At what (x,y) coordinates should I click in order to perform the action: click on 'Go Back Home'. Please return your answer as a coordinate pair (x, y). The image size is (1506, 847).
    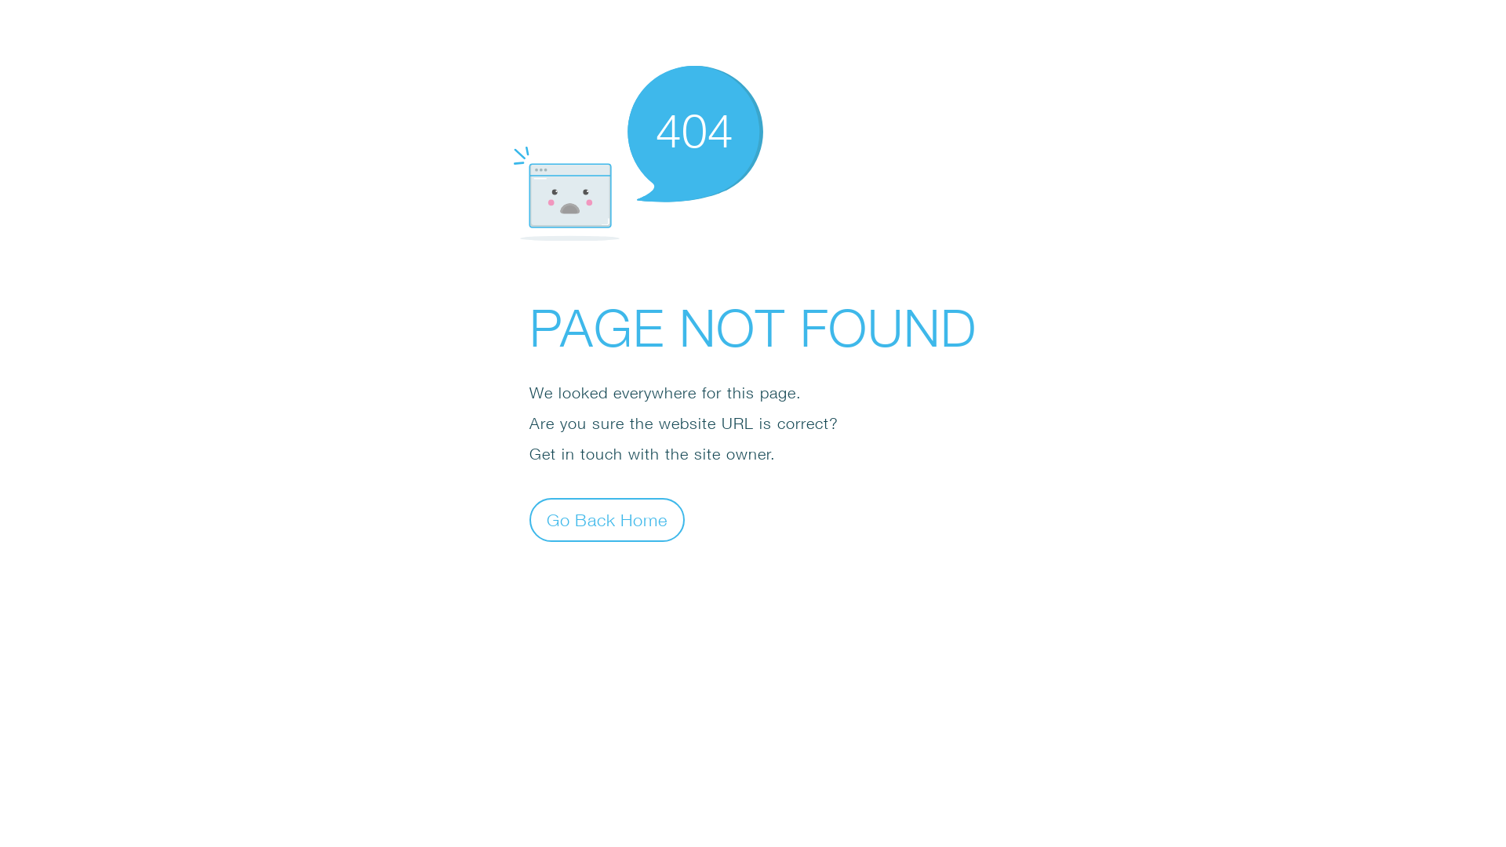
    Looking at the image, I should click on (606, 520).